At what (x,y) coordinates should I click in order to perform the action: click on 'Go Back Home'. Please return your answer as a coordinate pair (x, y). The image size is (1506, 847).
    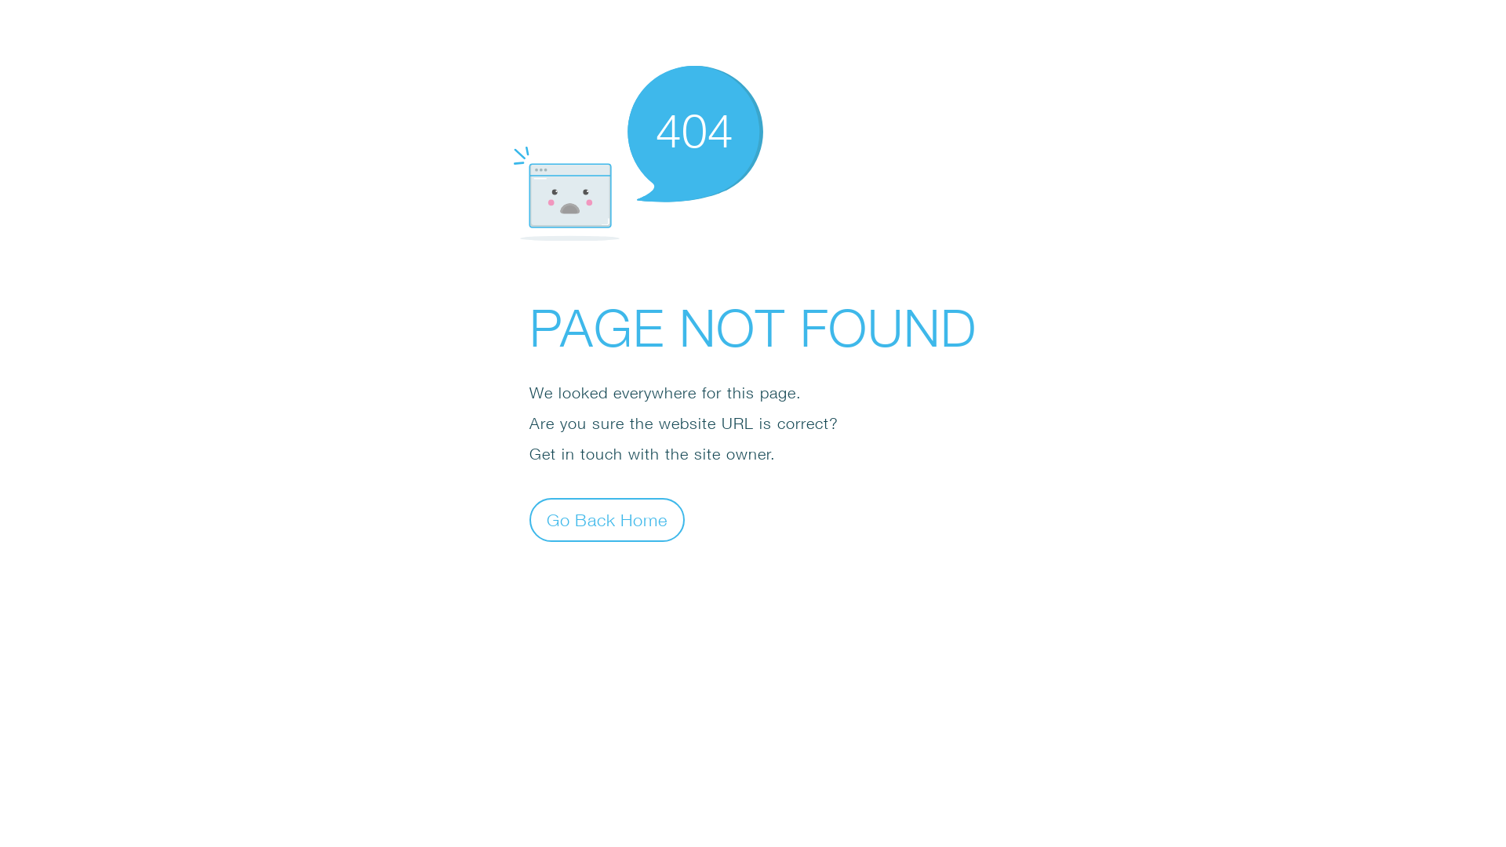
    Looking at the image, I should click on (606, 520).